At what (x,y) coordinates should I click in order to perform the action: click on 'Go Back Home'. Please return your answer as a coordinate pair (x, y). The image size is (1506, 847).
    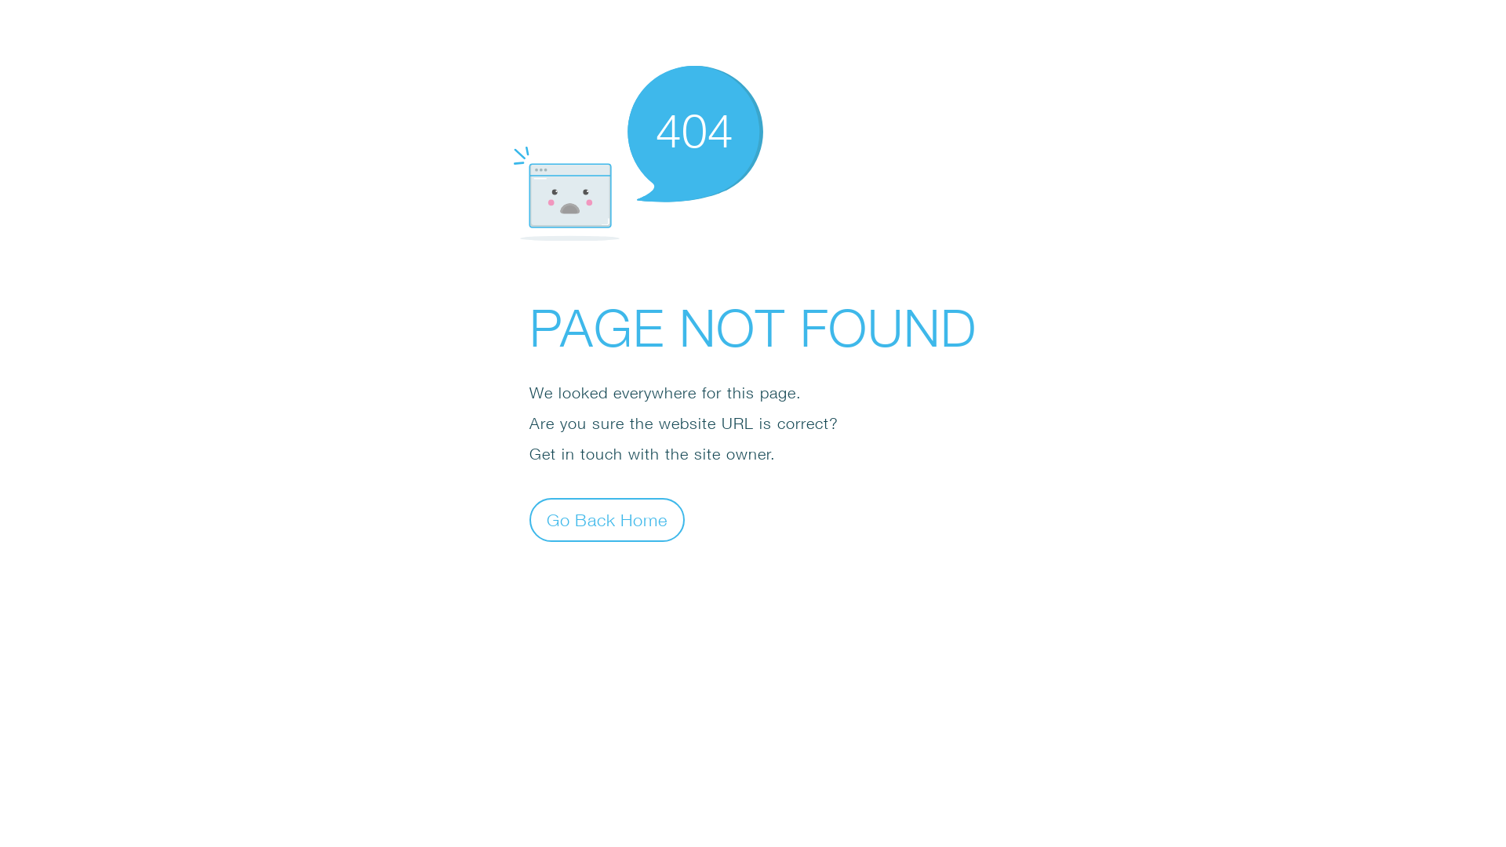
    Looking at the image, I should click on (606, 520).